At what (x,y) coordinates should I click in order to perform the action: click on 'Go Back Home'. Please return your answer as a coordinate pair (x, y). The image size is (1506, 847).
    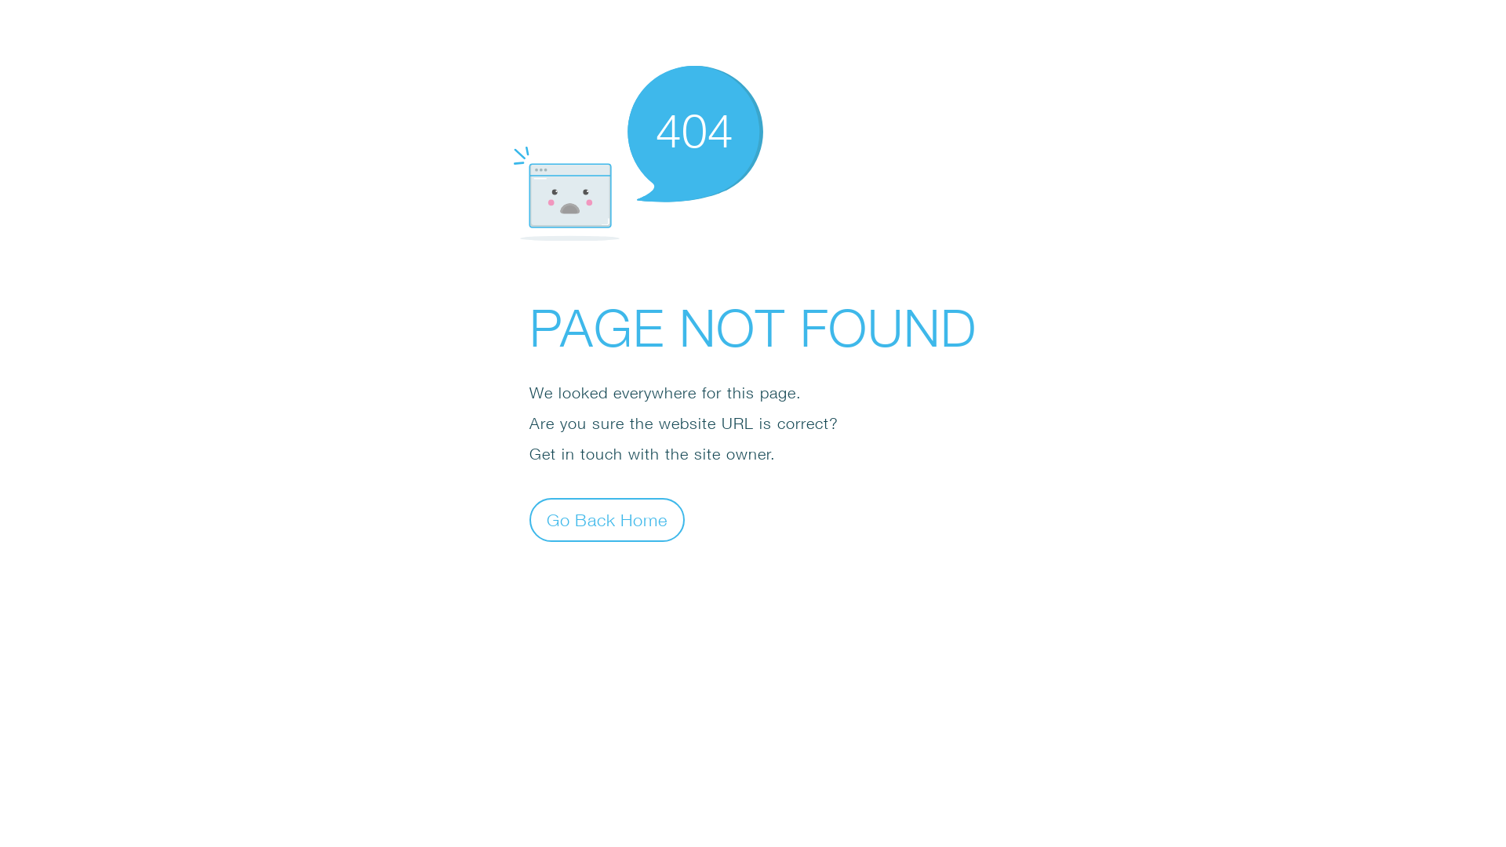
    Looking at the image, I should click on (606, 520).